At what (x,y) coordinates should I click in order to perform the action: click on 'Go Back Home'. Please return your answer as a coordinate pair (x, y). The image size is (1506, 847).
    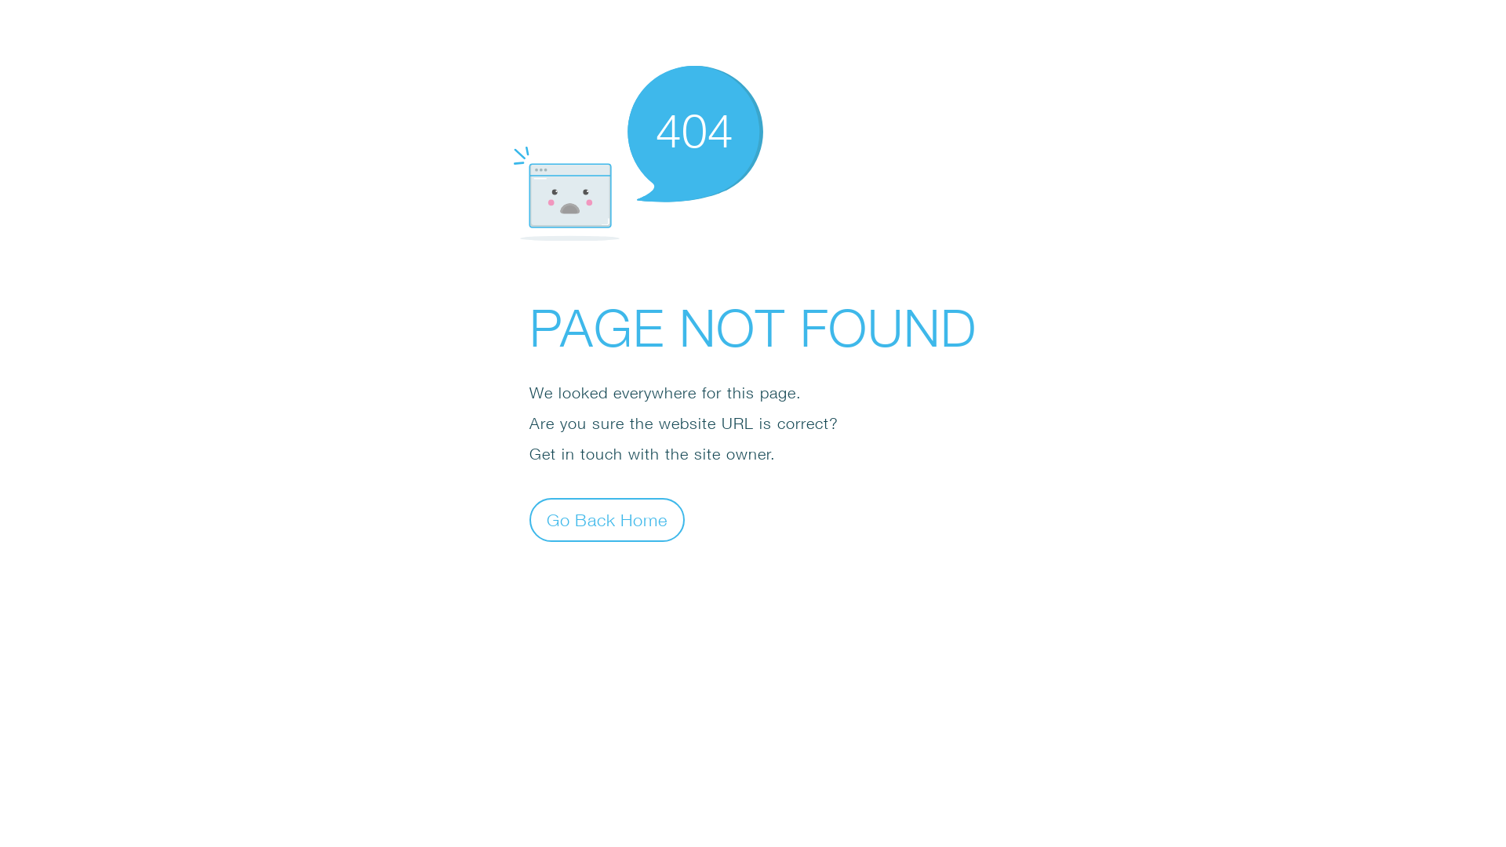
    Looking at the image, I should click on (606, 520).